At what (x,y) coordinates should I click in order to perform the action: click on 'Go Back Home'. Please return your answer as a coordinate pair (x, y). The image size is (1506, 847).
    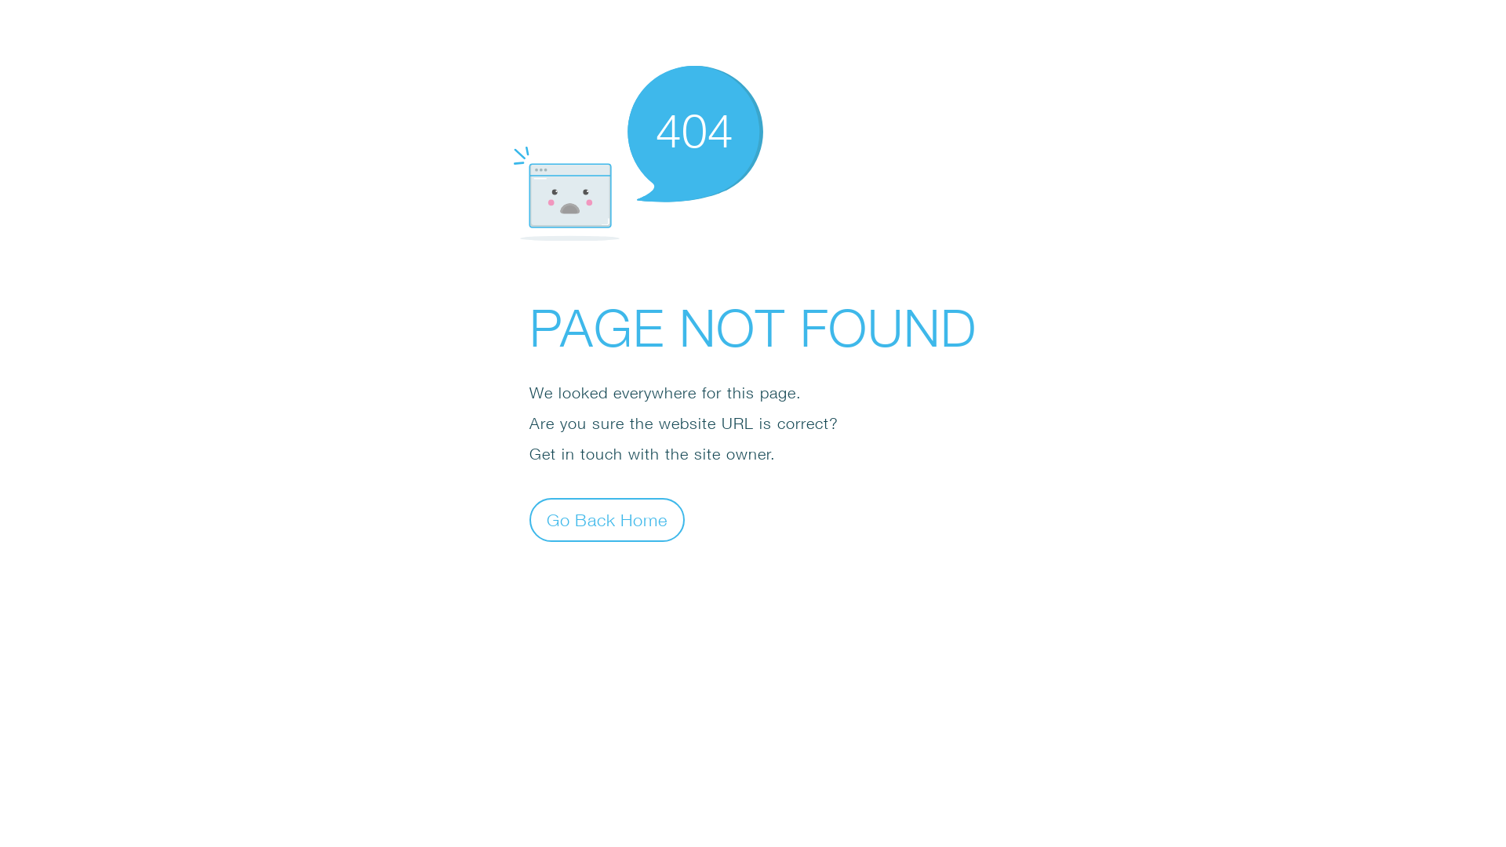
    Looking at the image, I should click on (606, 520).